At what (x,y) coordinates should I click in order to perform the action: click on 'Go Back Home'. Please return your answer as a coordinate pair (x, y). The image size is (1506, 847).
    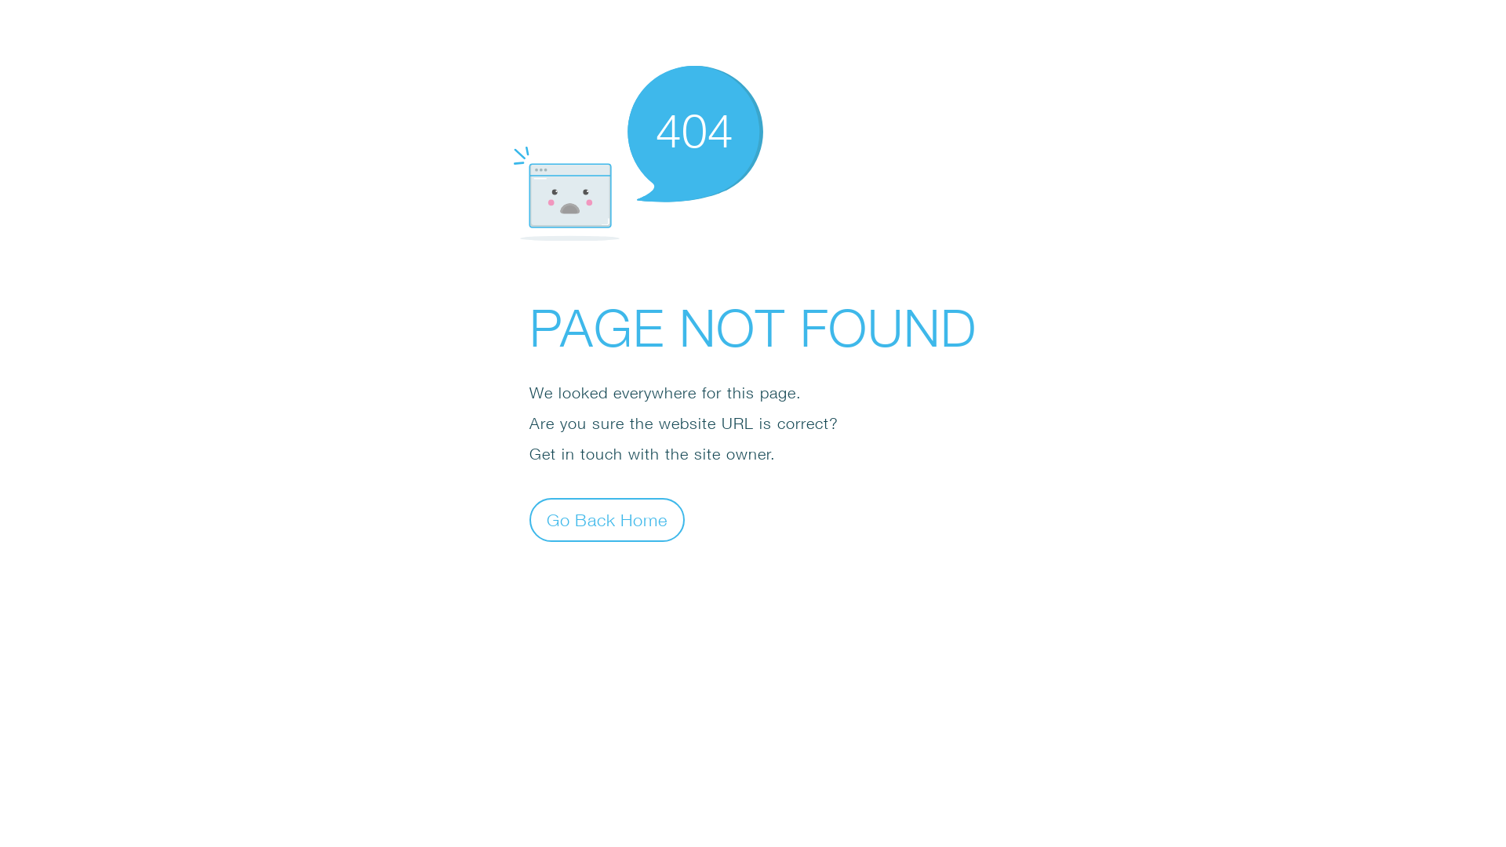
    Looking at the image, I should click on (606, 520).